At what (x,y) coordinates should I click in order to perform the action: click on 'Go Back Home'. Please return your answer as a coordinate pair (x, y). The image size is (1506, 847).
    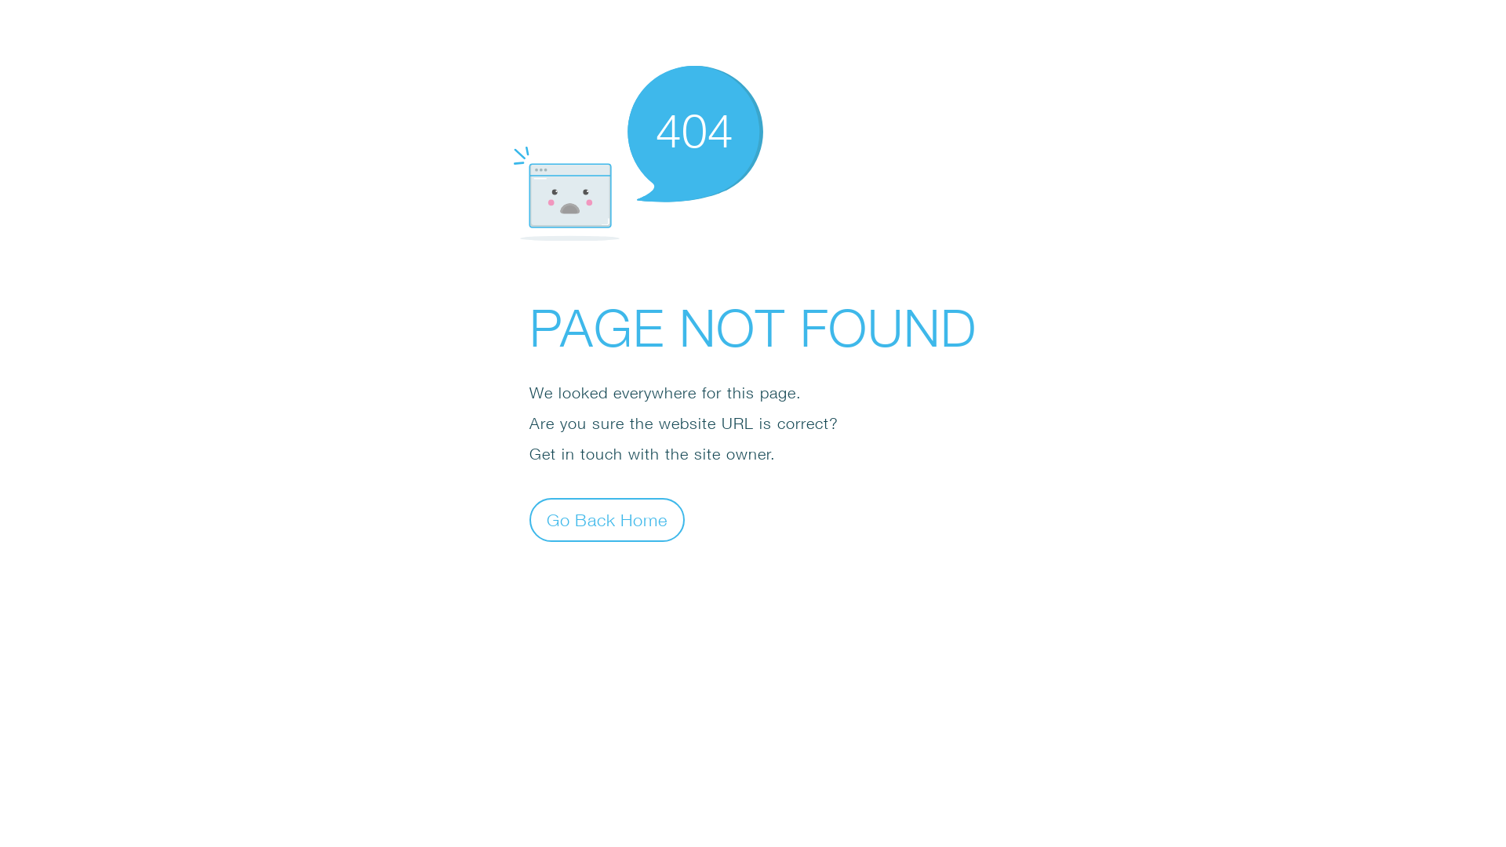
    Looking at the image, I should click on (606, 520).